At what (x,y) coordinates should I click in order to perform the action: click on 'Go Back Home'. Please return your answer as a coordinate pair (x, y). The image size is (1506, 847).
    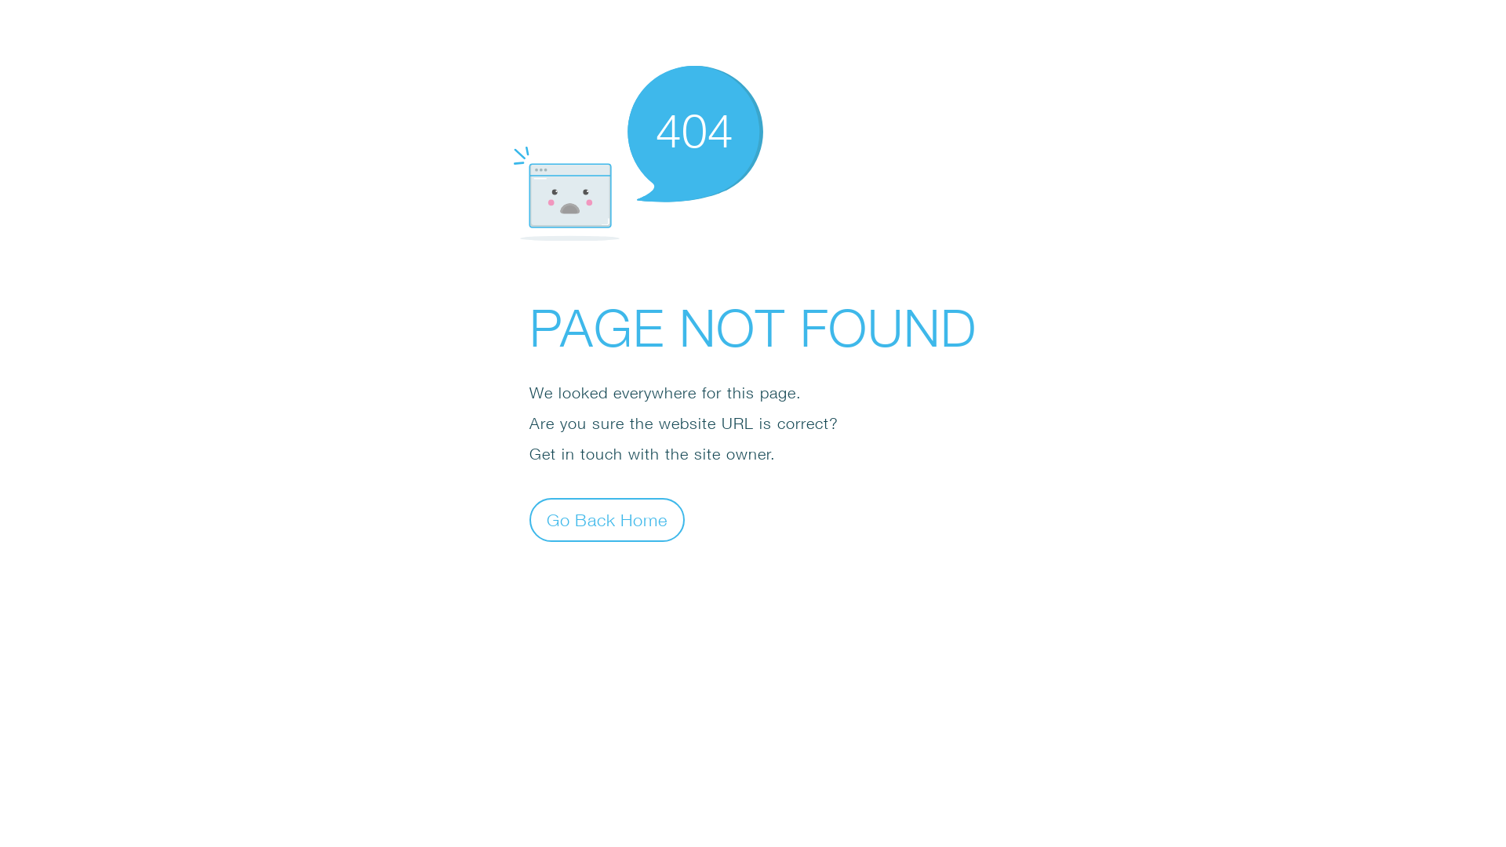
    Looking at the image, I should click on (606, 520).